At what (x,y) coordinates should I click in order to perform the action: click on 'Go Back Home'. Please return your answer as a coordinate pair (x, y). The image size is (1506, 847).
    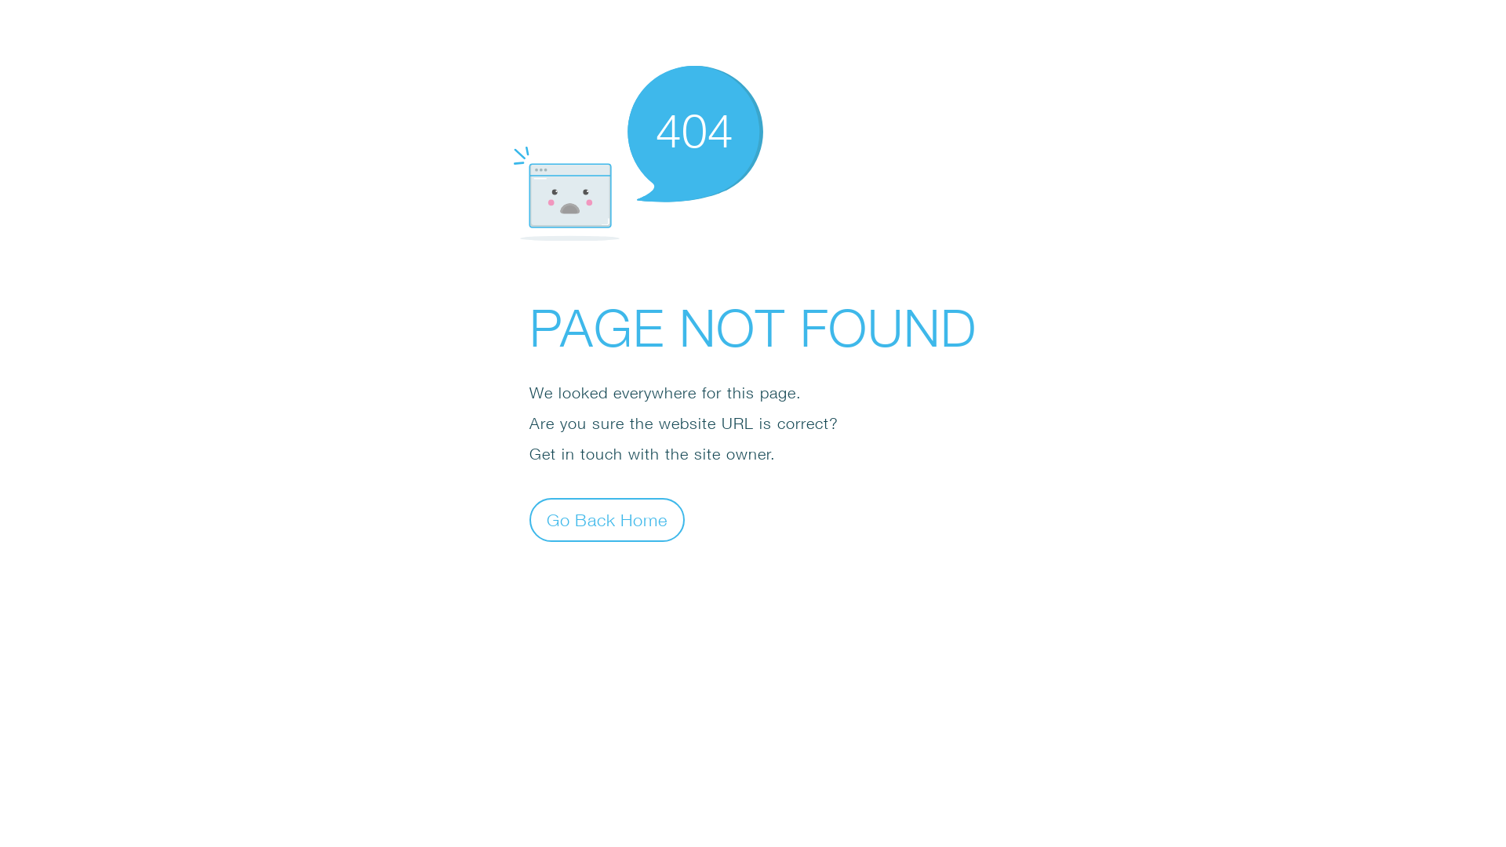
    Looking at the image, I should click on (606, 520).